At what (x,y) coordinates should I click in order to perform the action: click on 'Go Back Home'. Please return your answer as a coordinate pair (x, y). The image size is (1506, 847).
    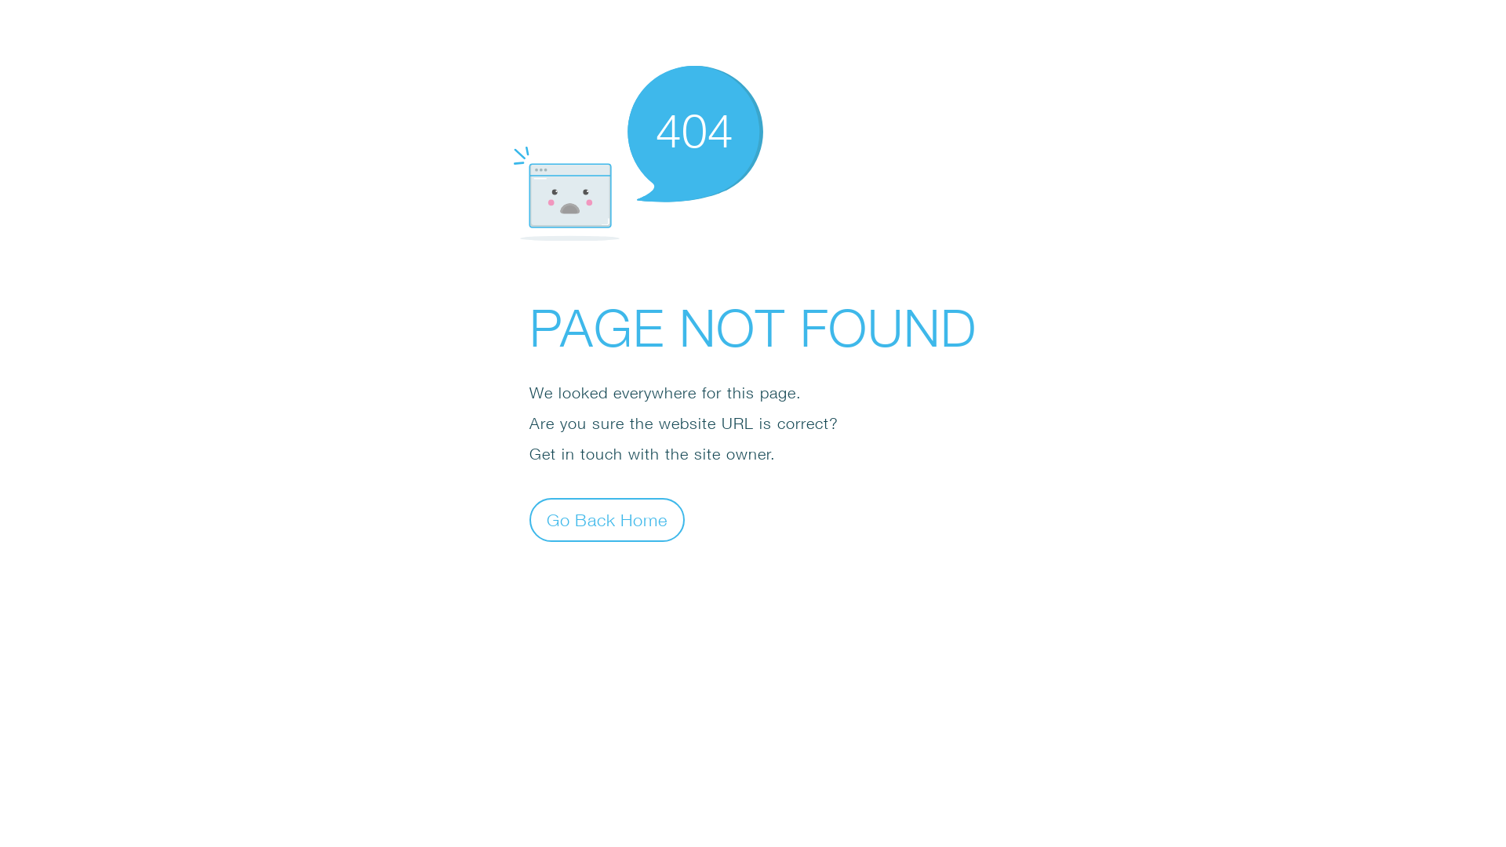
    Looking at the image, I should click on (606, 520).